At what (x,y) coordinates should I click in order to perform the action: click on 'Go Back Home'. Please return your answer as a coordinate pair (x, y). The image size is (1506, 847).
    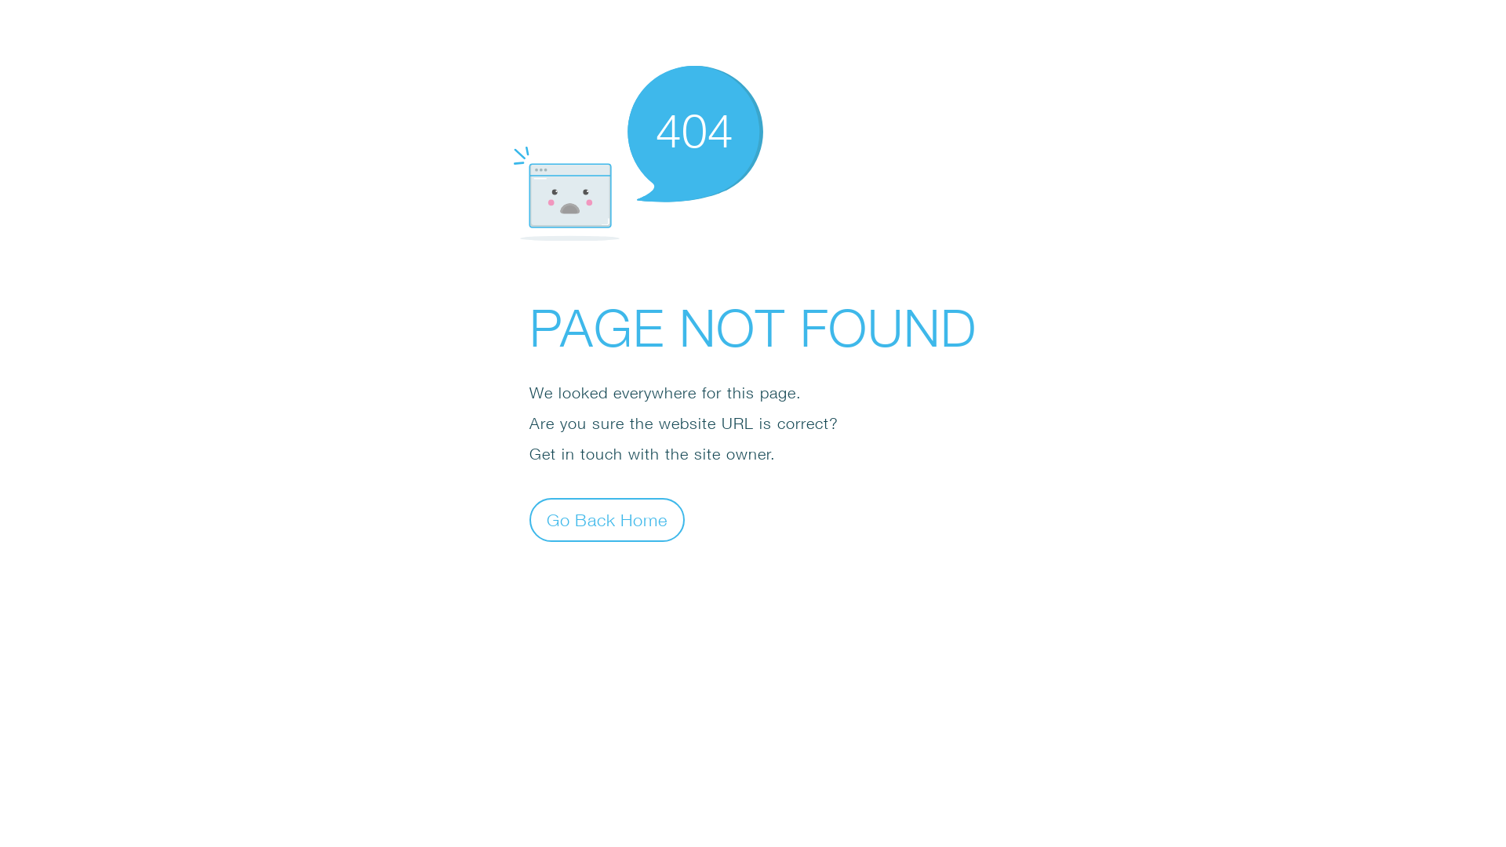
    Looking at the image, I should click on (606, 520).